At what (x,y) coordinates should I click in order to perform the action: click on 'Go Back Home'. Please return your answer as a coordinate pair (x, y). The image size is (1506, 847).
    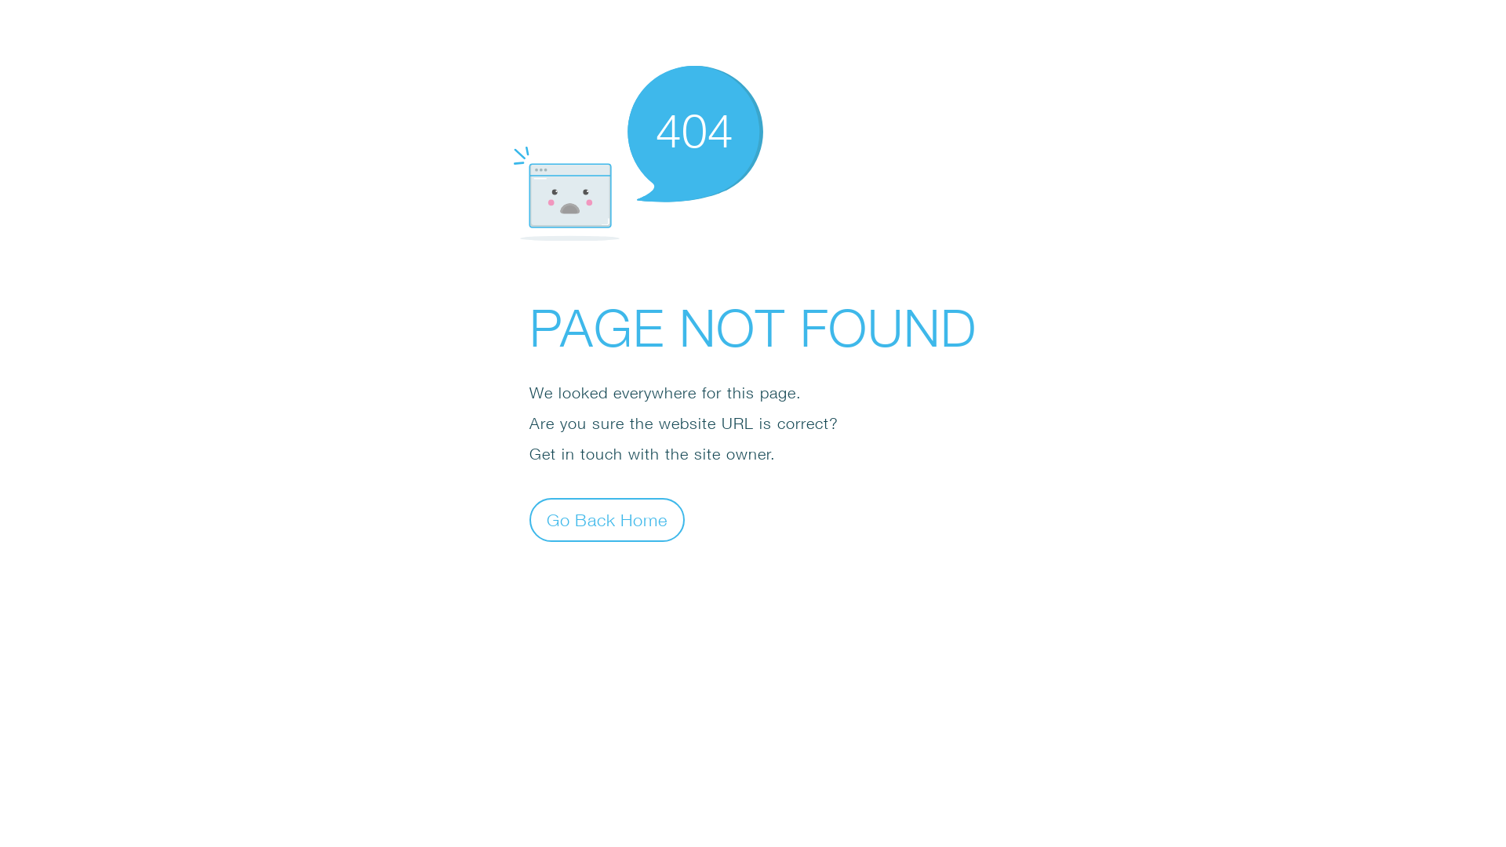
    Looking at the image, I should click on (606, 520).